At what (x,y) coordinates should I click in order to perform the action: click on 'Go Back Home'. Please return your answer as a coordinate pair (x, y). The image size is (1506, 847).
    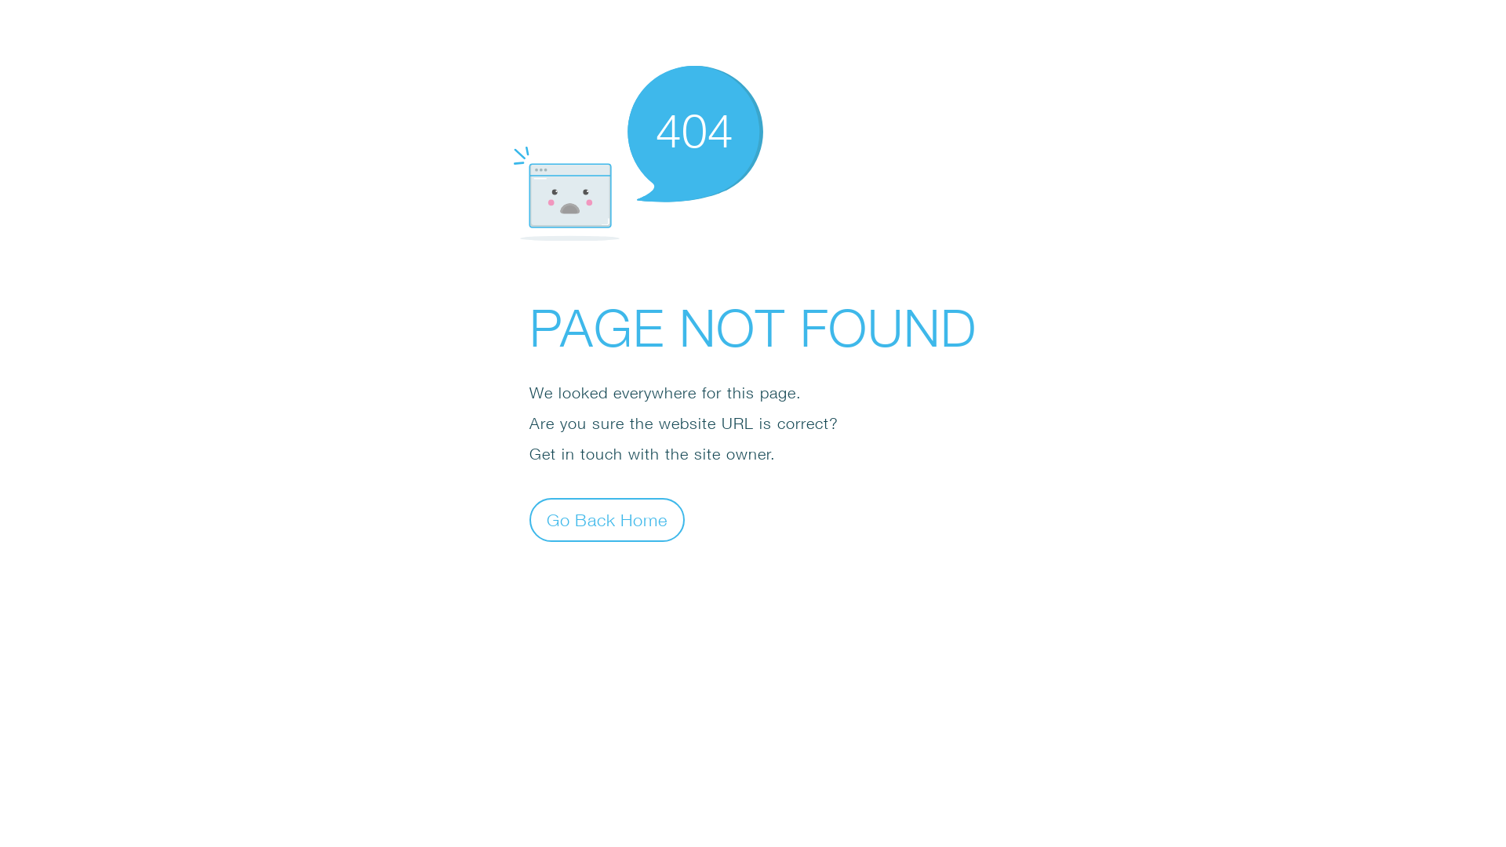
    Looking at the image, I should click on (606, 520).